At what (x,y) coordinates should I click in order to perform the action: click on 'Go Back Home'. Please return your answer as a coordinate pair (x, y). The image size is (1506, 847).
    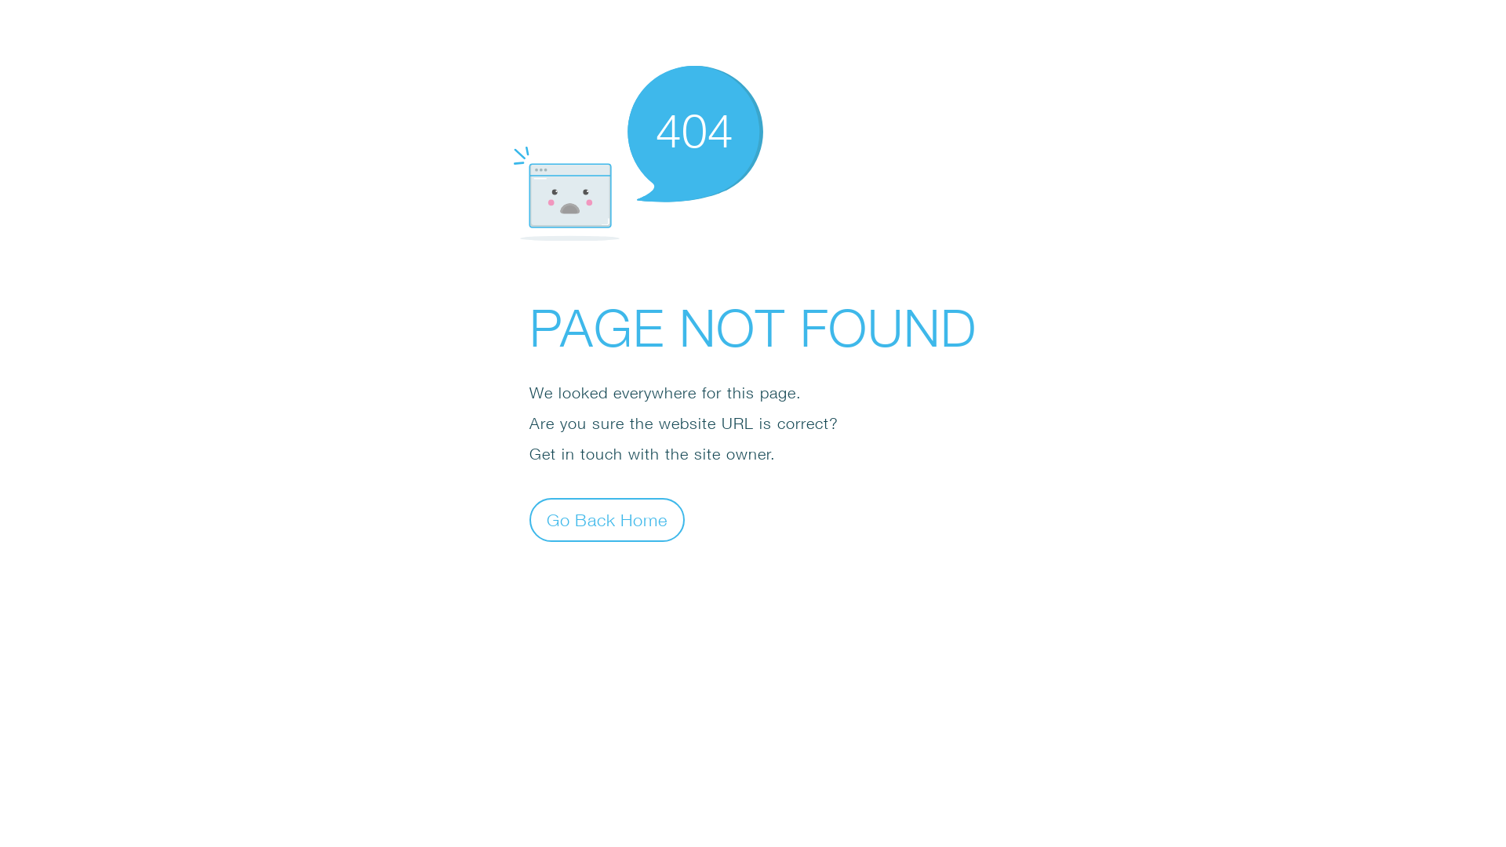
    Looking at the image, I should click on (606, 520).